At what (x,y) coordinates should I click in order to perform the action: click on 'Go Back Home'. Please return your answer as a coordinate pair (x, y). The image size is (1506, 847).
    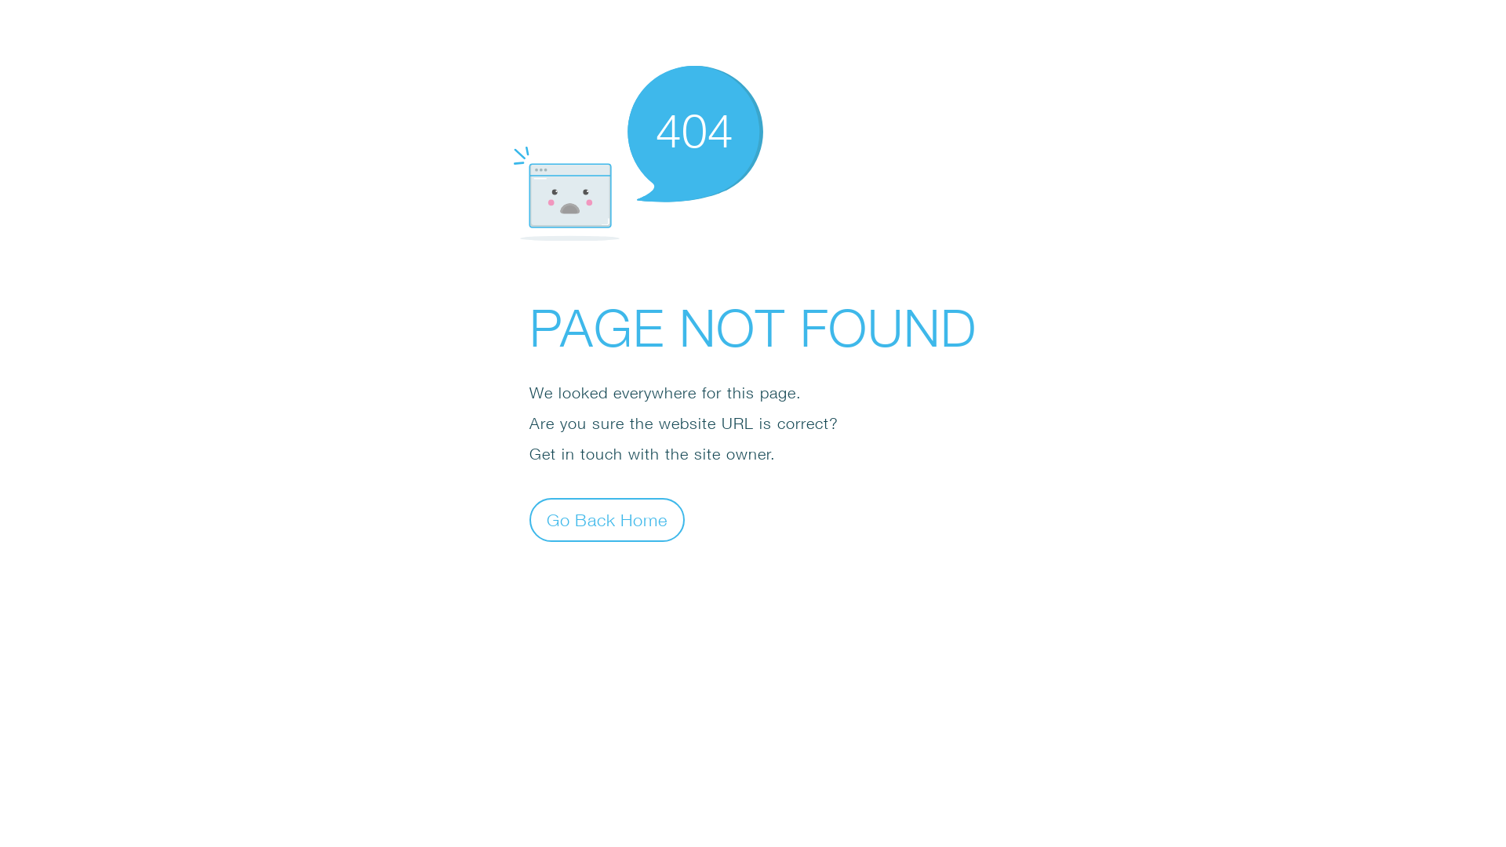
    Looking at the image, I should click on (606, 520).